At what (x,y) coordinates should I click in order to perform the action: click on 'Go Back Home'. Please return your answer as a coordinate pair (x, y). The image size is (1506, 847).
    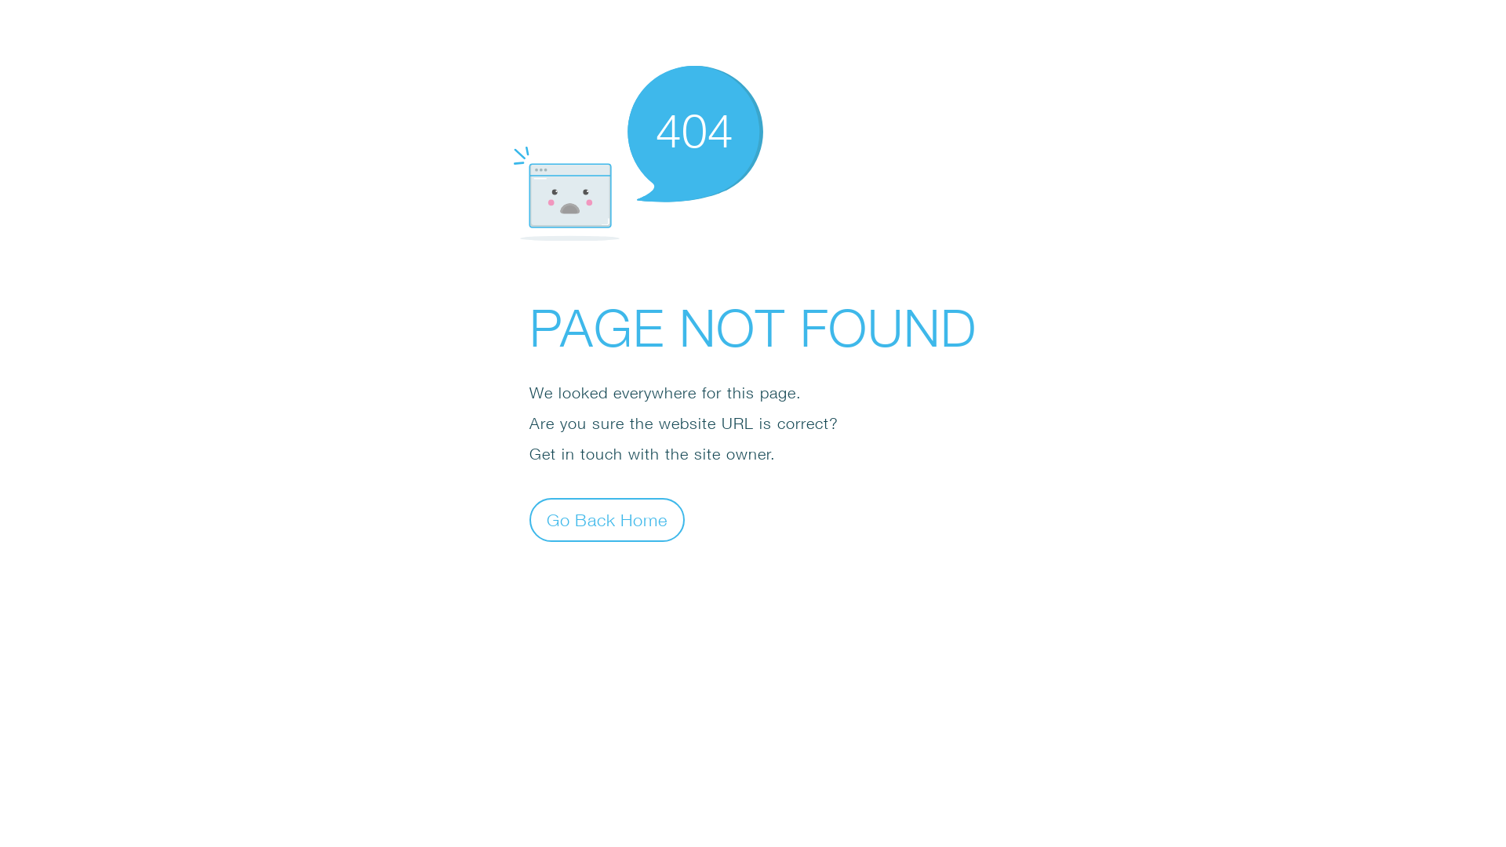
    Looking at the image, I should click on (606, 520).